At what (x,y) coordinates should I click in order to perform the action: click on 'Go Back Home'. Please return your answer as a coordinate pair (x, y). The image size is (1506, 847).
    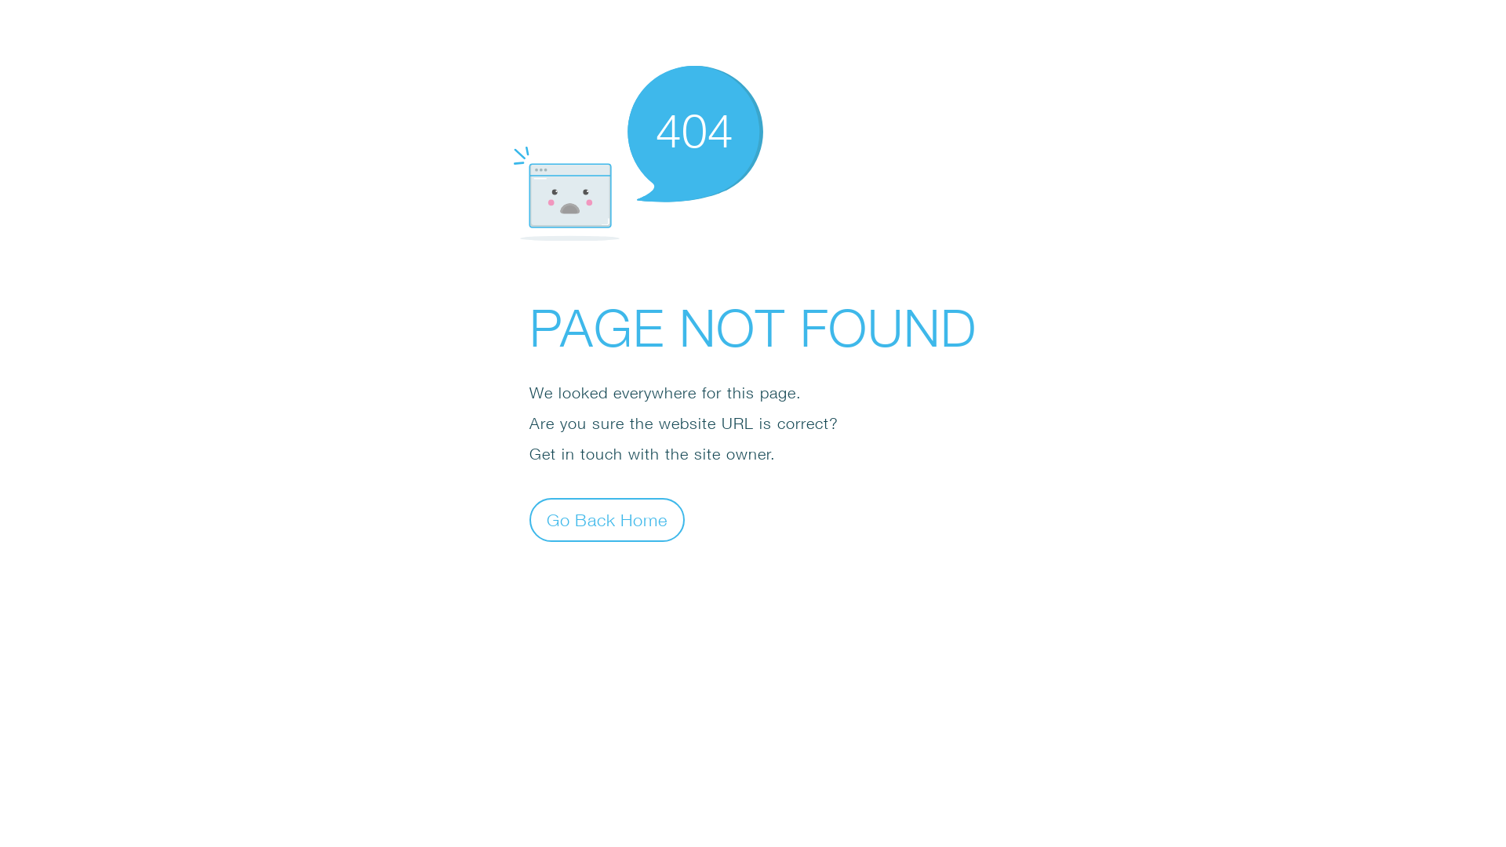
    Looking at the image, I should click on (606, 520).